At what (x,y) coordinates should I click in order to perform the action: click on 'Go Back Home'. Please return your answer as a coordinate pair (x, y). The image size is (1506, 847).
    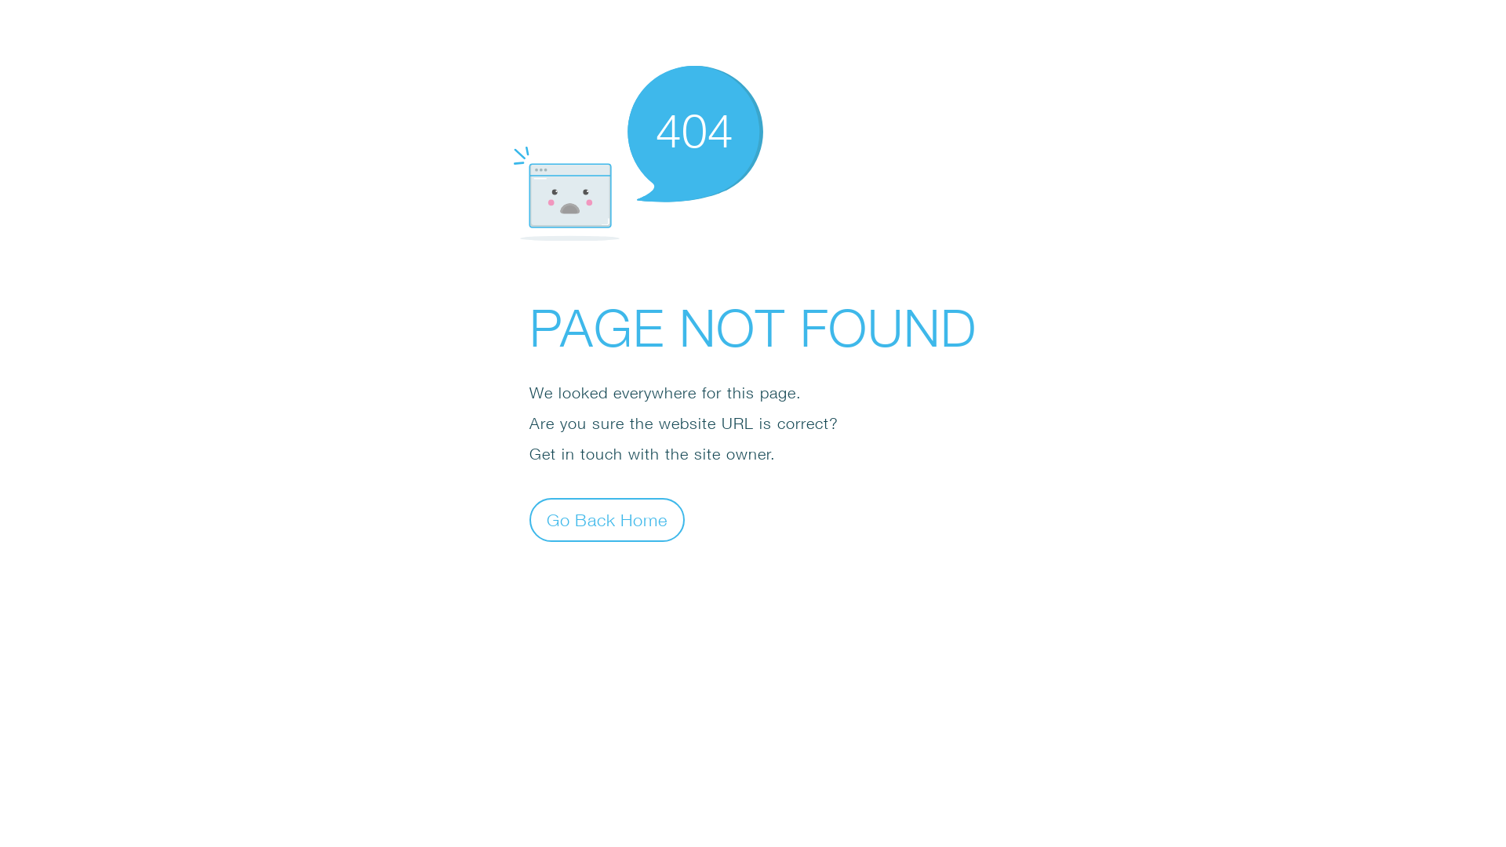
    Looking at the image, I should click on (606, 520).